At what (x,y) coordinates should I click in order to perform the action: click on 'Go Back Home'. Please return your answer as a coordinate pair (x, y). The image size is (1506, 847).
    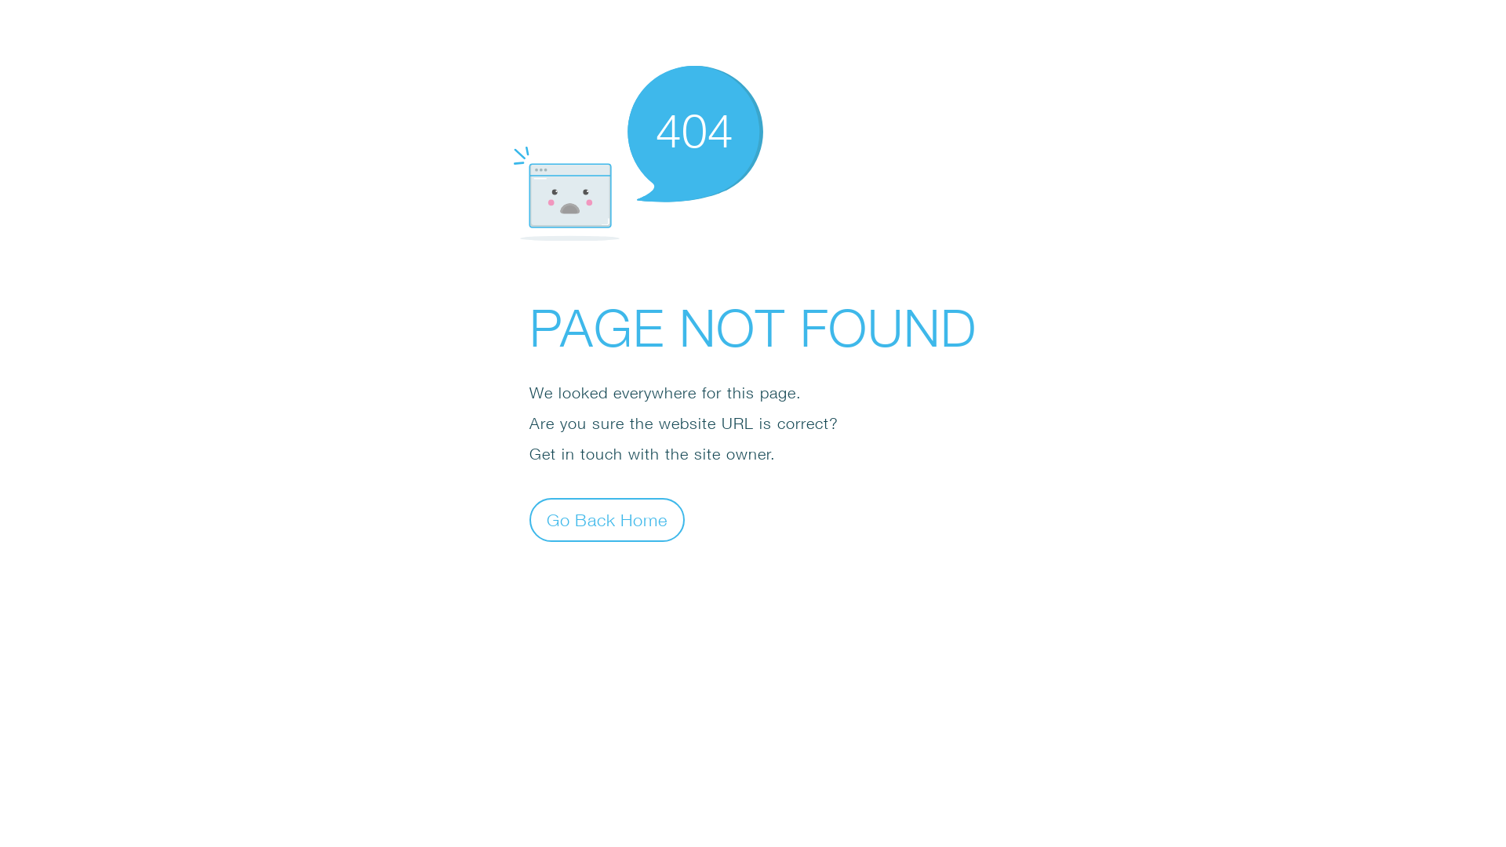
    Looking at the image, I should click on (606, 520).